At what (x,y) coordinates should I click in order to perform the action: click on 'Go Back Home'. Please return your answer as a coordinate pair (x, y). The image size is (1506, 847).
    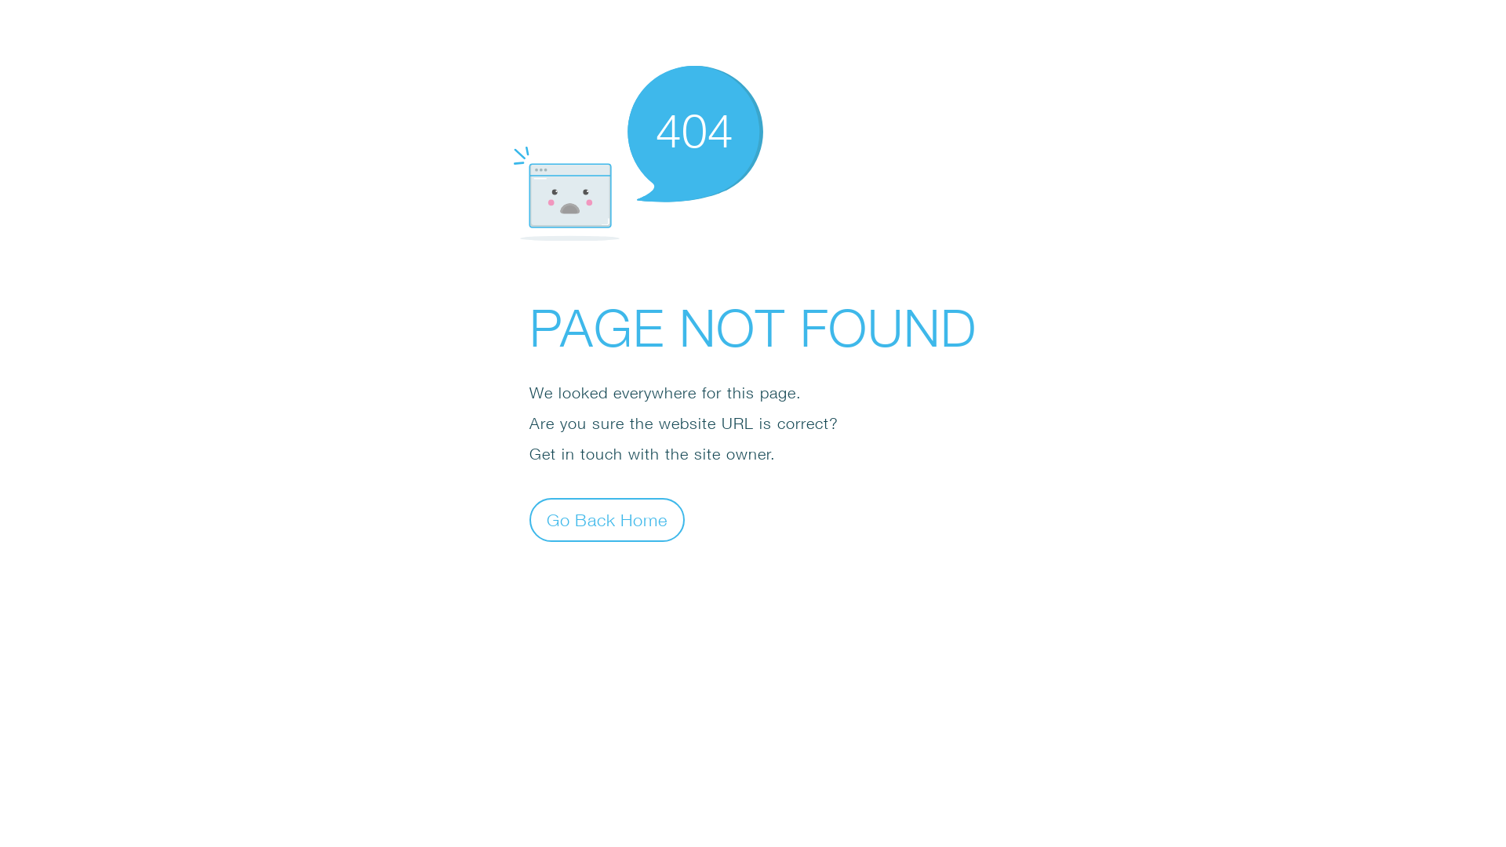
    Looking at the image, I should click on (606, 520).